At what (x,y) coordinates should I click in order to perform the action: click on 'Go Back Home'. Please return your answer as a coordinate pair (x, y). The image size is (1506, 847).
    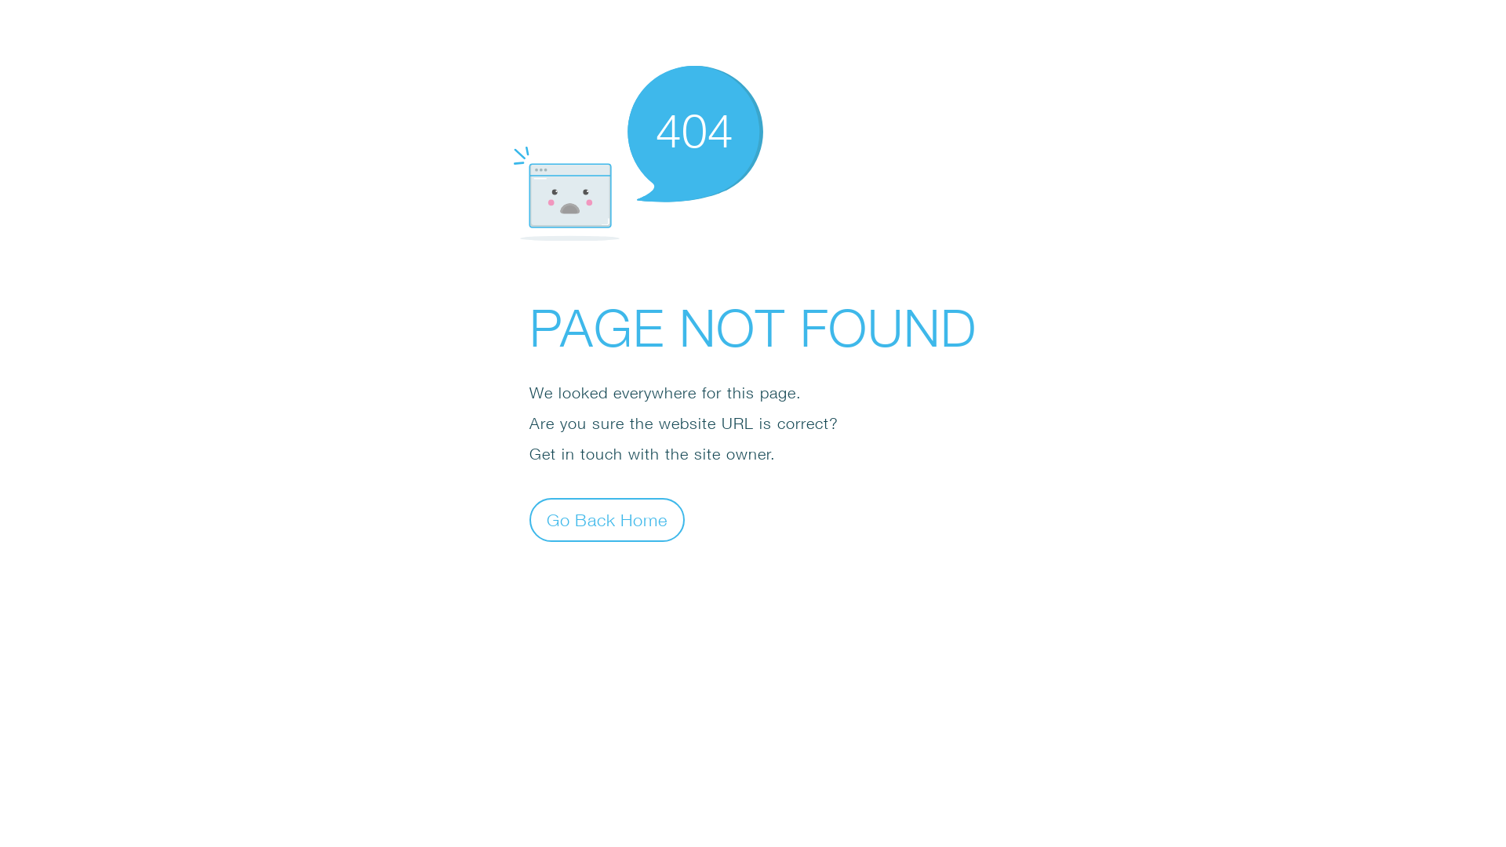
    Looking at the image, I should click on (606, 520).